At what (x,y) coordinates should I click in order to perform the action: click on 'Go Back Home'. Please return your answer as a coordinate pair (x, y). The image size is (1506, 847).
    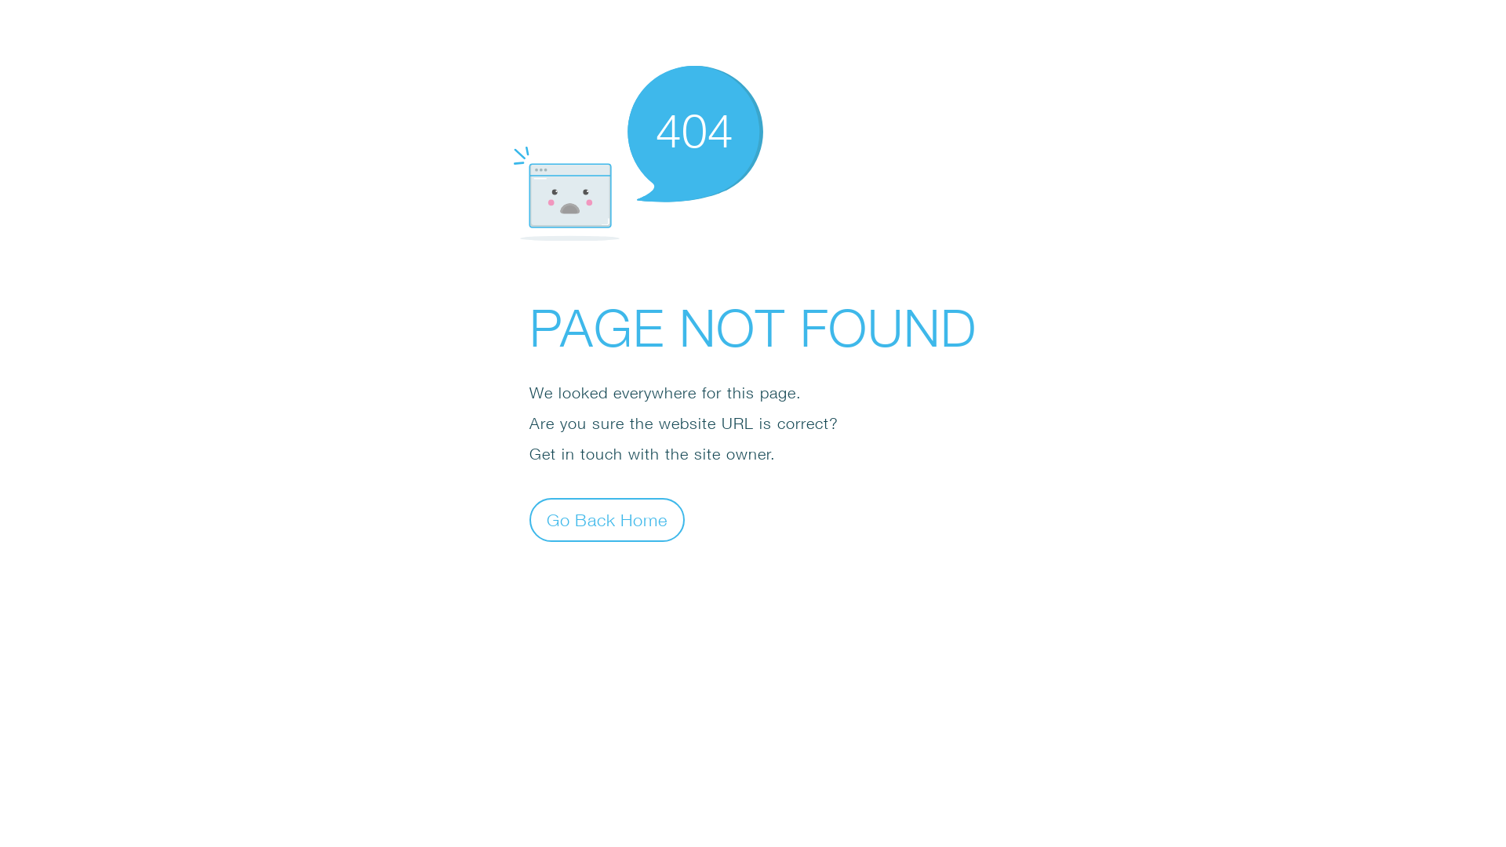
    Looking at the image, I should click on (606, 520).